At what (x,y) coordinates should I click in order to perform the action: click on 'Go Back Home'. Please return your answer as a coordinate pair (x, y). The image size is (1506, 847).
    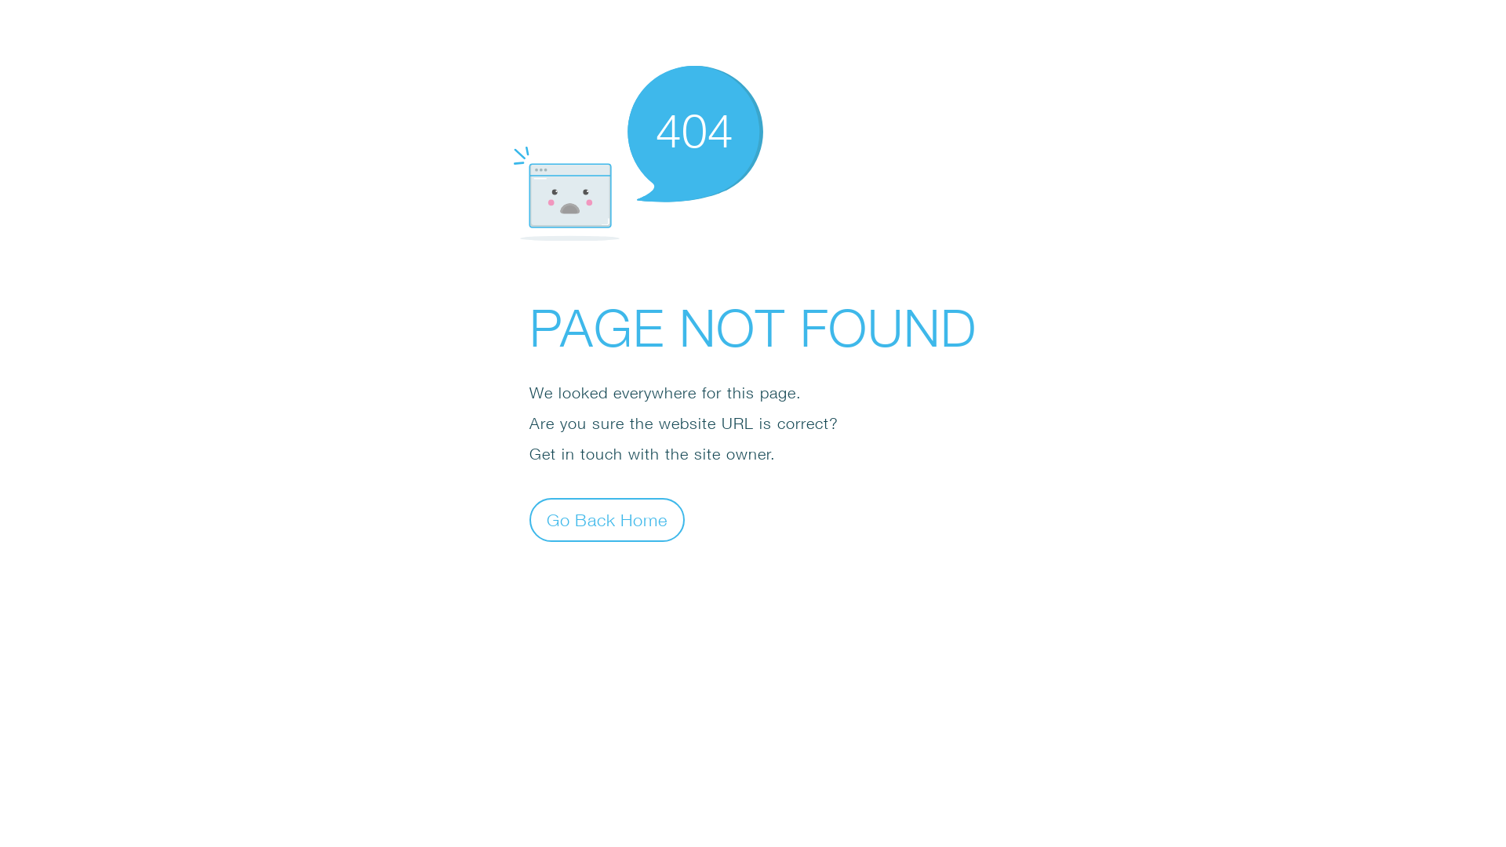
    Looking at the image, I should click on (606, 520).